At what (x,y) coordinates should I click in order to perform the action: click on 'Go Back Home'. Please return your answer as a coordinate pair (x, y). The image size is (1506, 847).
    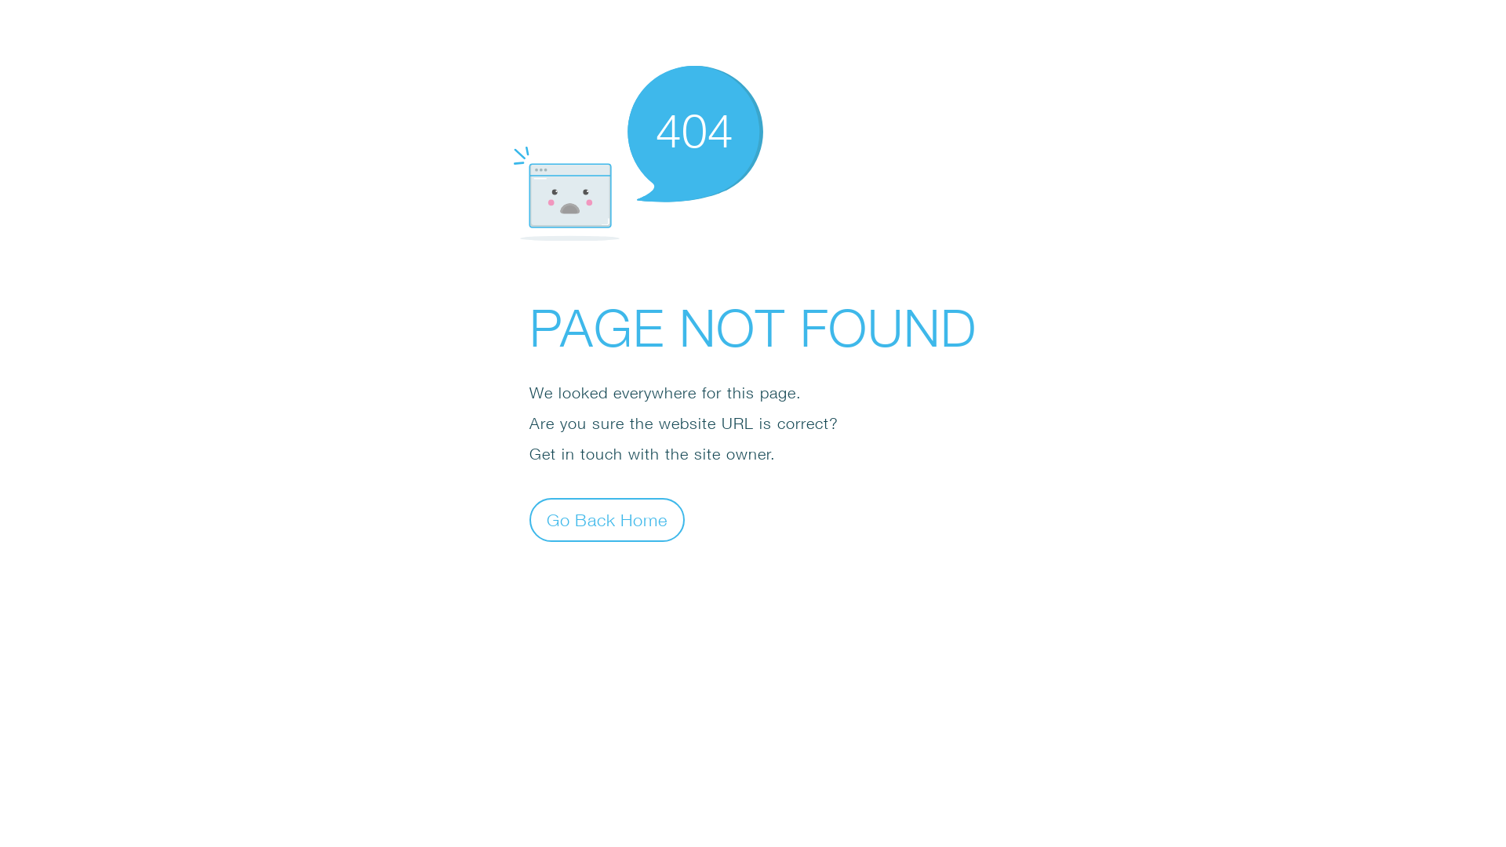
    Looking at the image, I should click on (606, 520).